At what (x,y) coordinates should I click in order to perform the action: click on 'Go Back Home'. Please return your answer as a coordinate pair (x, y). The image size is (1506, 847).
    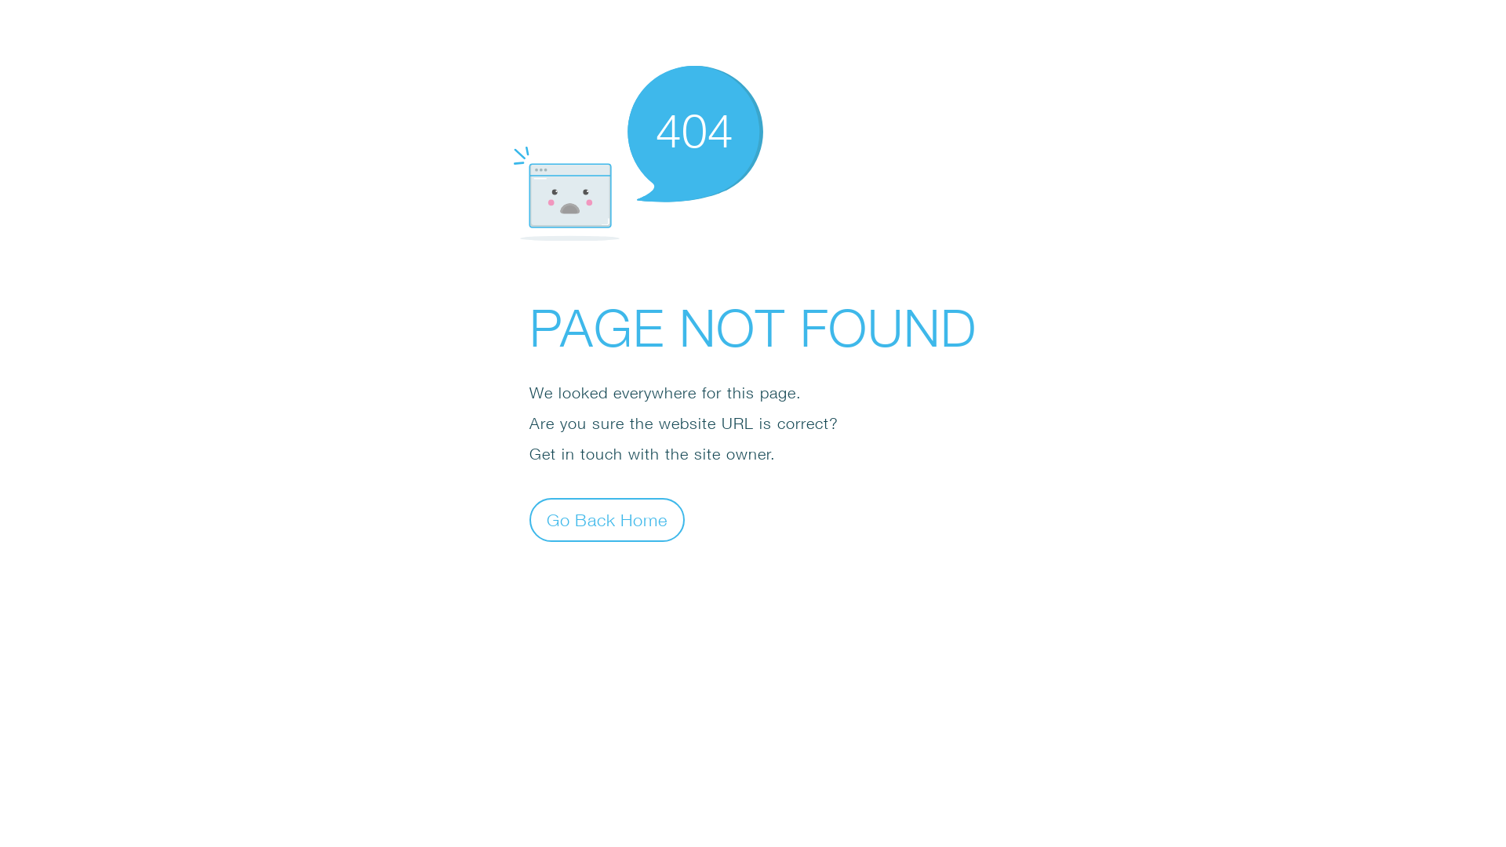
    Looking at the image, I should click on (606, 520).